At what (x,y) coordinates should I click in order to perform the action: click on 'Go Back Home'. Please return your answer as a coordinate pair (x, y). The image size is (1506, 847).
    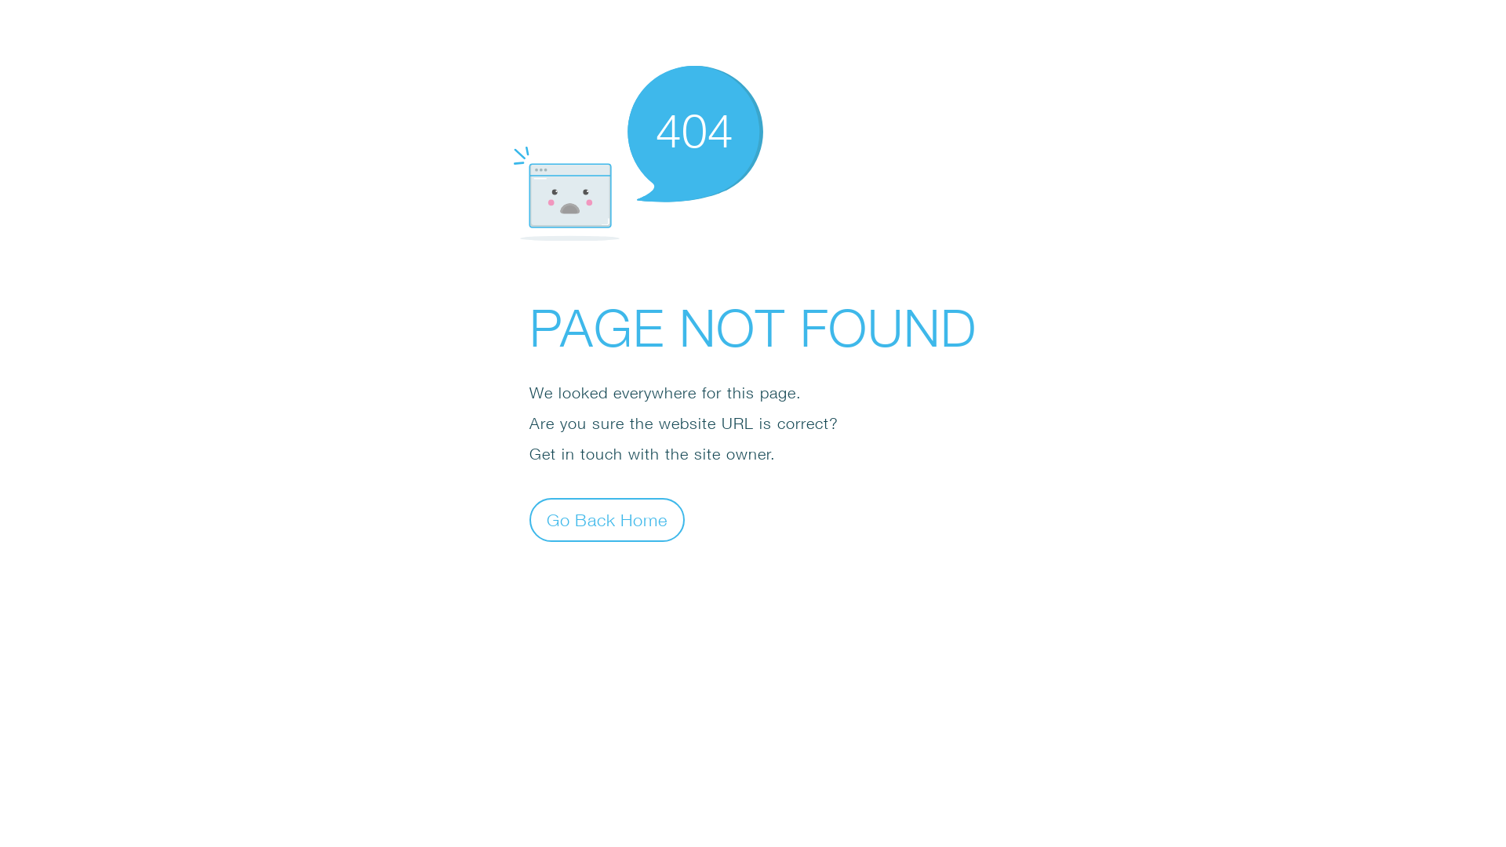
    Looking at the image, I should click on (606, 520).